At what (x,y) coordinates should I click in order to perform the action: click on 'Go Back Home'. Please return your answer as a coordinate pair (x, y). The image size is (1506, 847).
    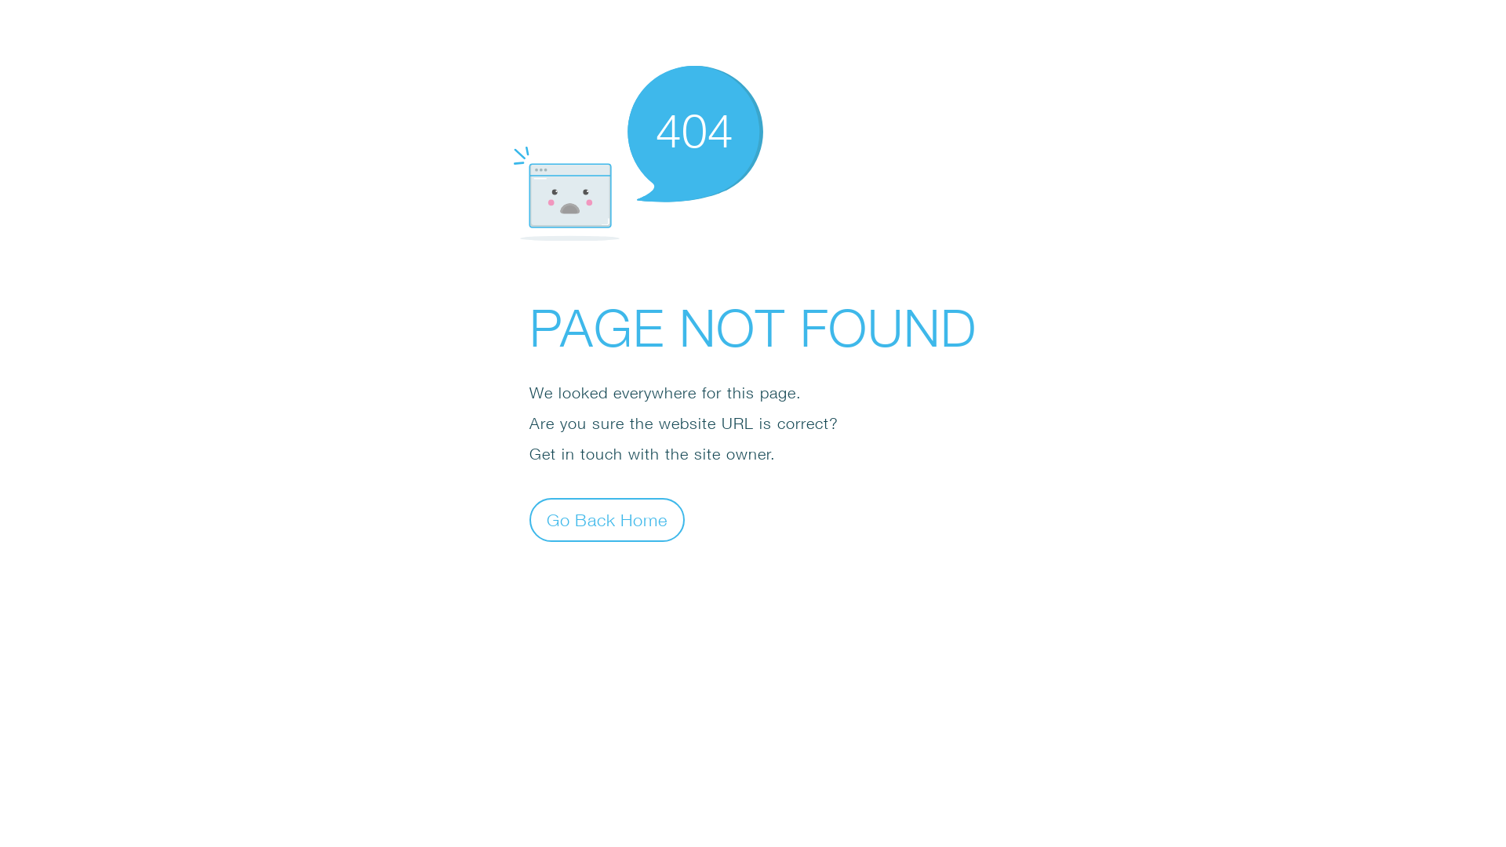
    Looking at the image, I should click on (606, 520).